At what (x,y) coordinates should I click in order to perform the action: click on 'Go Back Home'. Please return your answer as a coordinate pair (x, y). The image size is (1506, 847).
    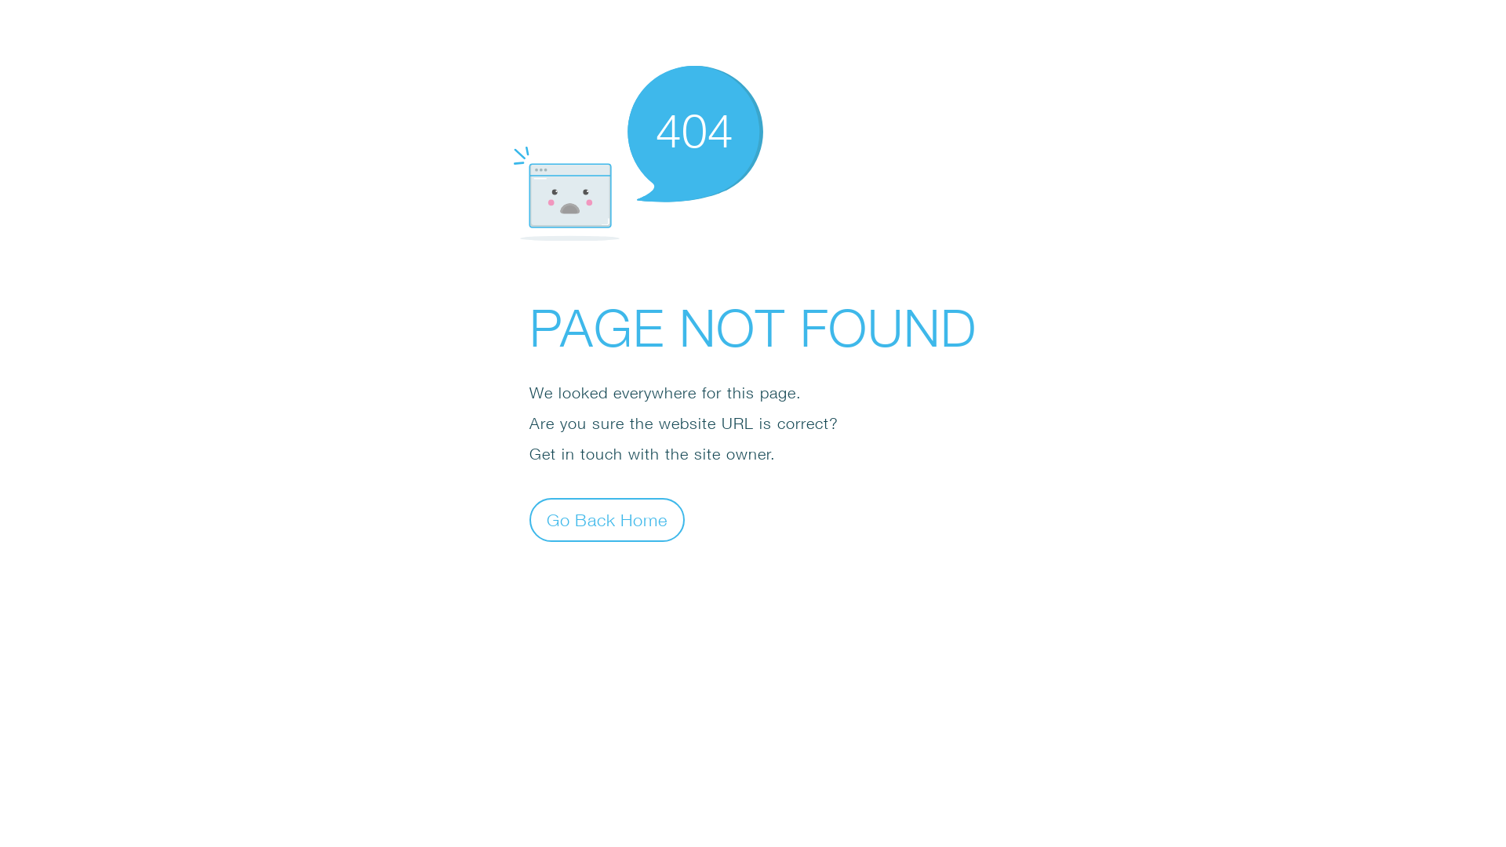
    Looking at the image, I should click on (606, 520).